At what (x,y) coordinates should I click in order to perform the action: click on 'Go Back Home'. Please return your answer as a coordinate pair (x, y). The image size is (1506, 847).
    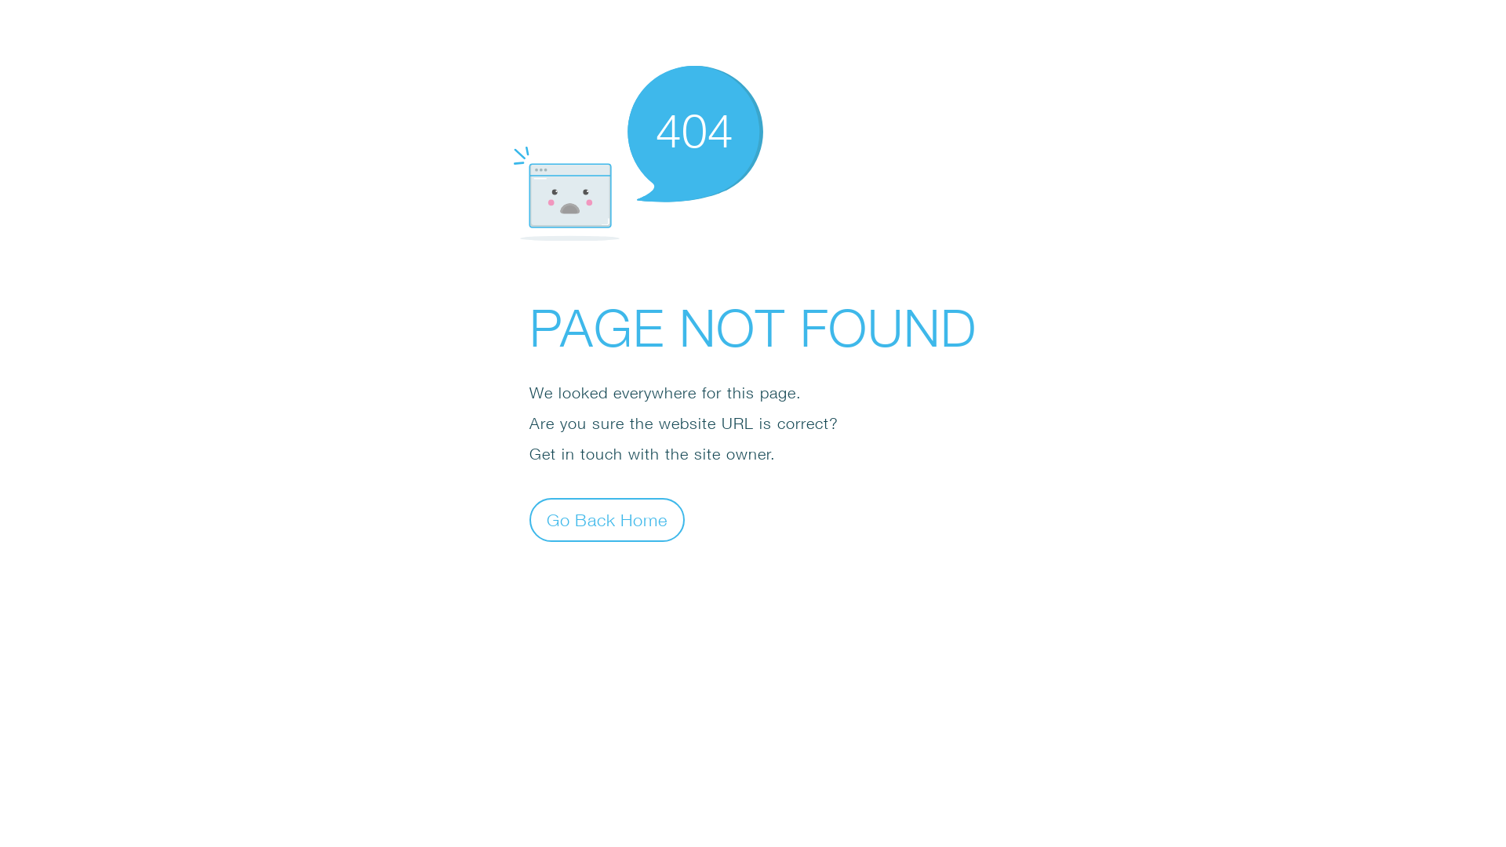
    Looking at the image, I should click on (606, 520).